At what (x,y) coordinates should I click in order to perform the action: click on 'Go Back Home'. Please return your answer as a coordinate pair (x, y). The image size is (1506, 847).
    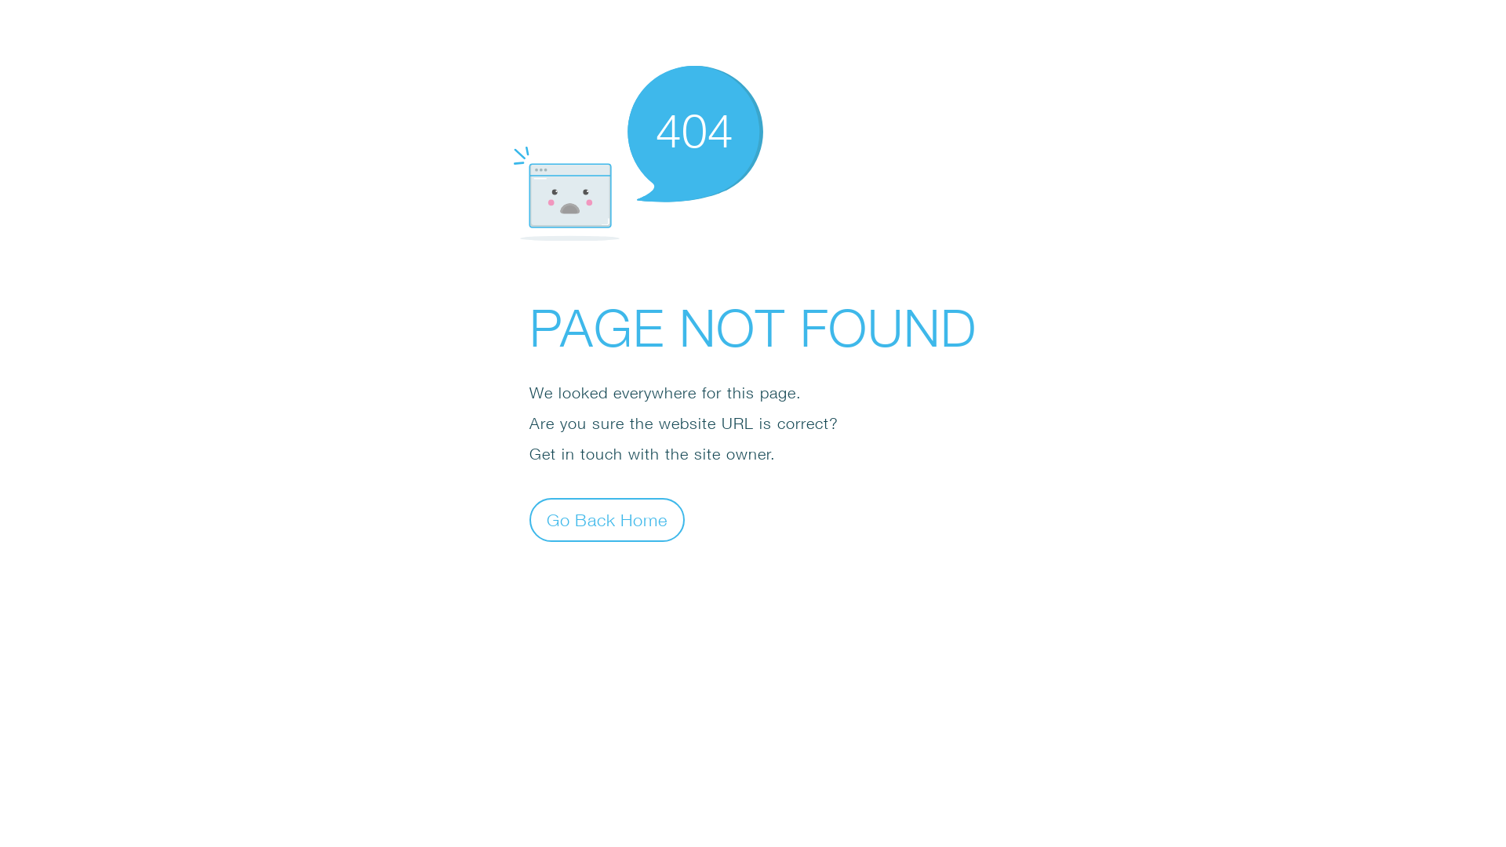
    Looking at the image, I should click on (606, 520).